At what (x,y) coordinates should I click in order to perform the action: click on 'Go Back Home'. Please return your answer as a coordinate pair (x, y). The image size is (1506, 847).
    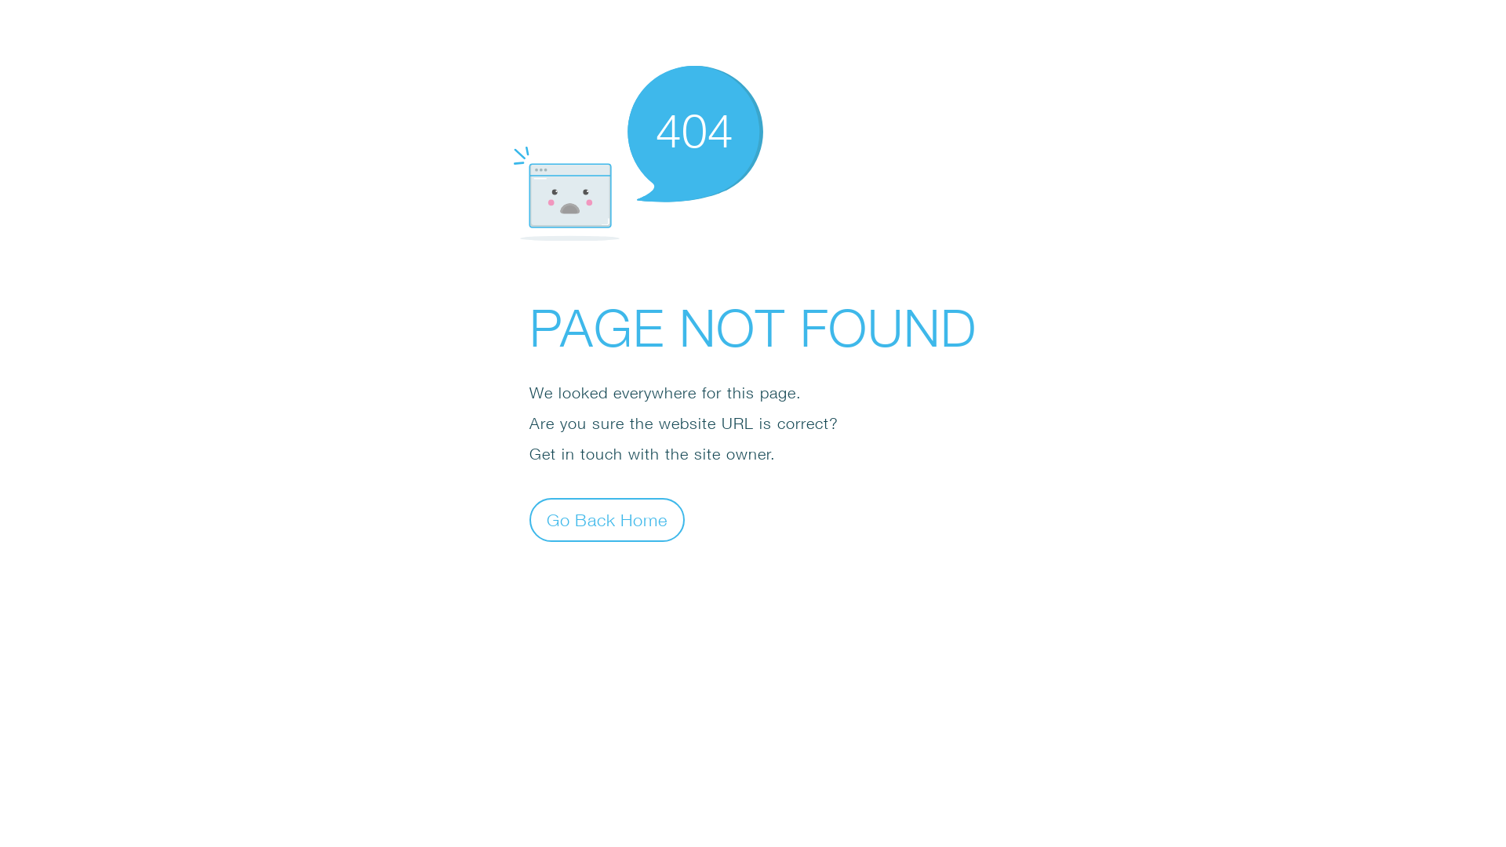
    Looking at the image, I should click on (606, 520).